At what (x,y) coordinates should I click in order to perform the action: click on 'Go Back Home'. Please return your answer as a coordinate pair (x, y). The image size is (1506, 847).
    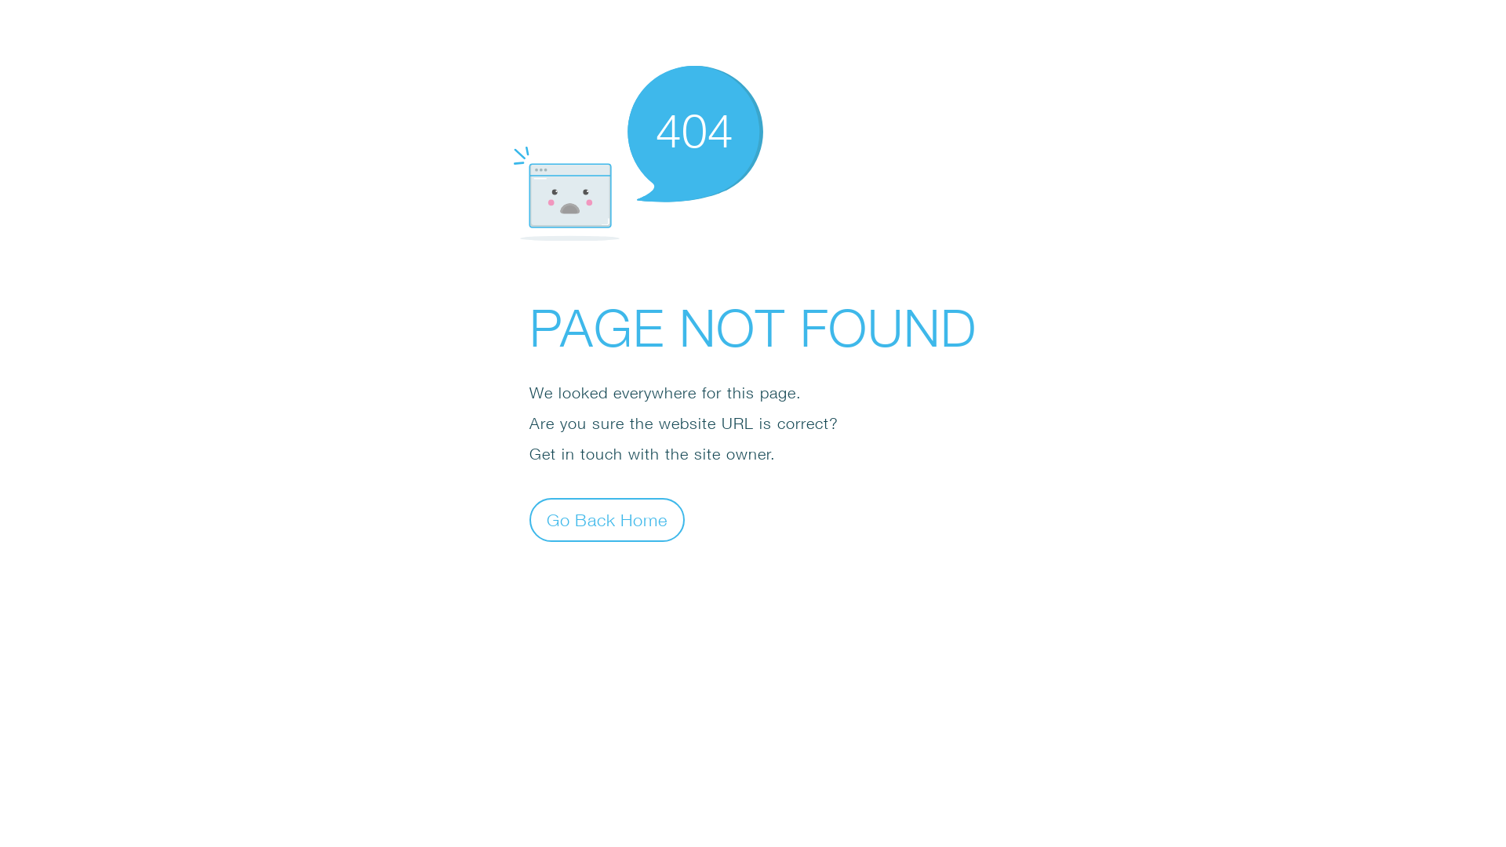
    Looking at the image, I should click on (606, 520).